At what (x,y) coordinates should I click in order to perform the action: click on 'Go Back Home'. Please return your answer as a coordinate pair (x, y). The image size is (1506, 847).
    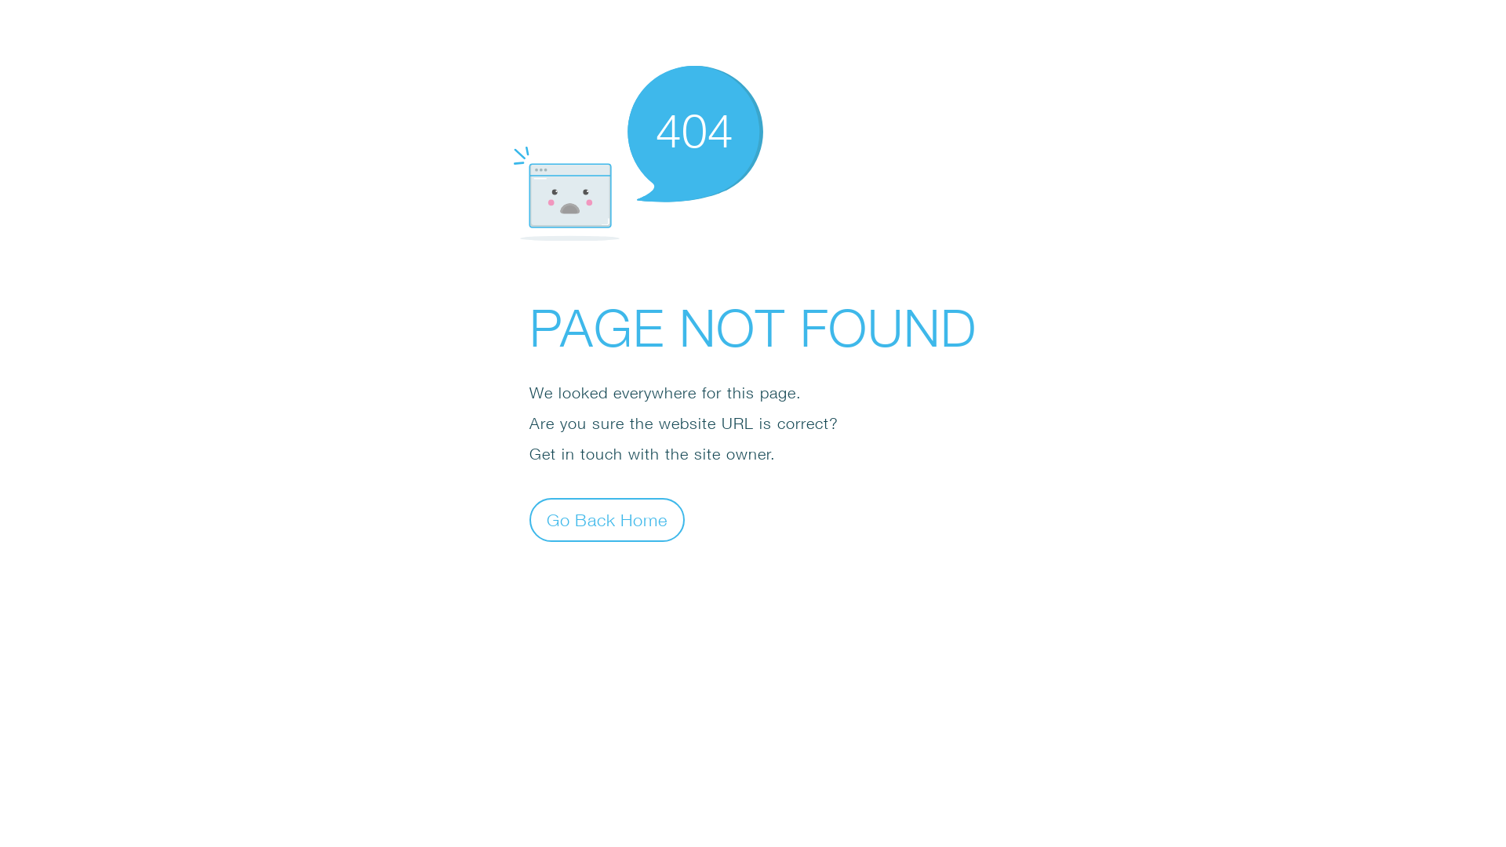
    Looking at the image, I should click on (606, 520).